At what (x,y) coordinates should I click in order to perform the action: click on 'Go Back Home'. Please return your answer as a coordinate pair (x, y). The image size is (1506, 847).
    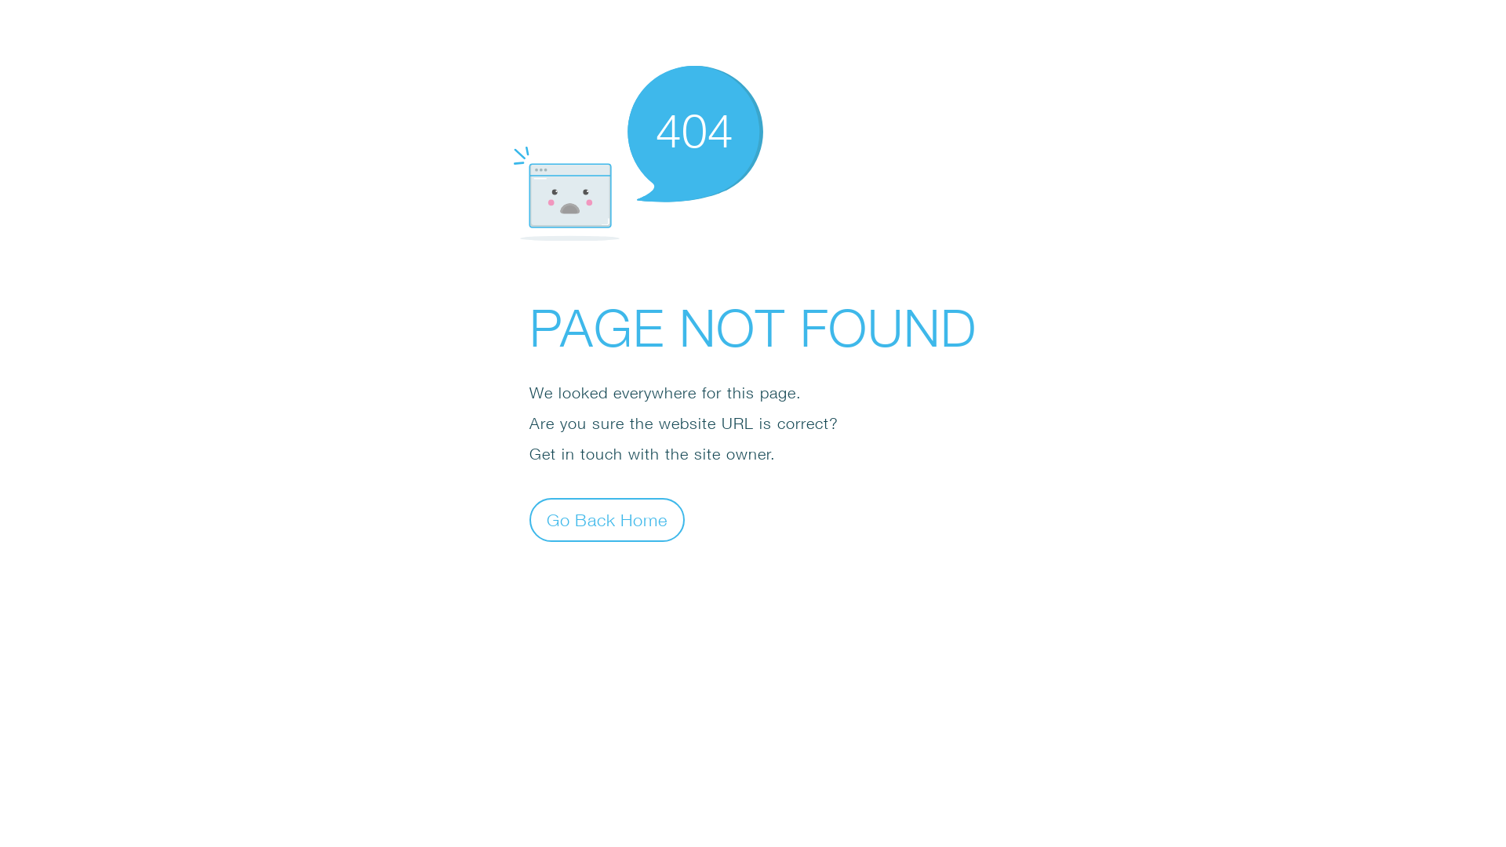
    Looking at the image, I should click on (606, 520).